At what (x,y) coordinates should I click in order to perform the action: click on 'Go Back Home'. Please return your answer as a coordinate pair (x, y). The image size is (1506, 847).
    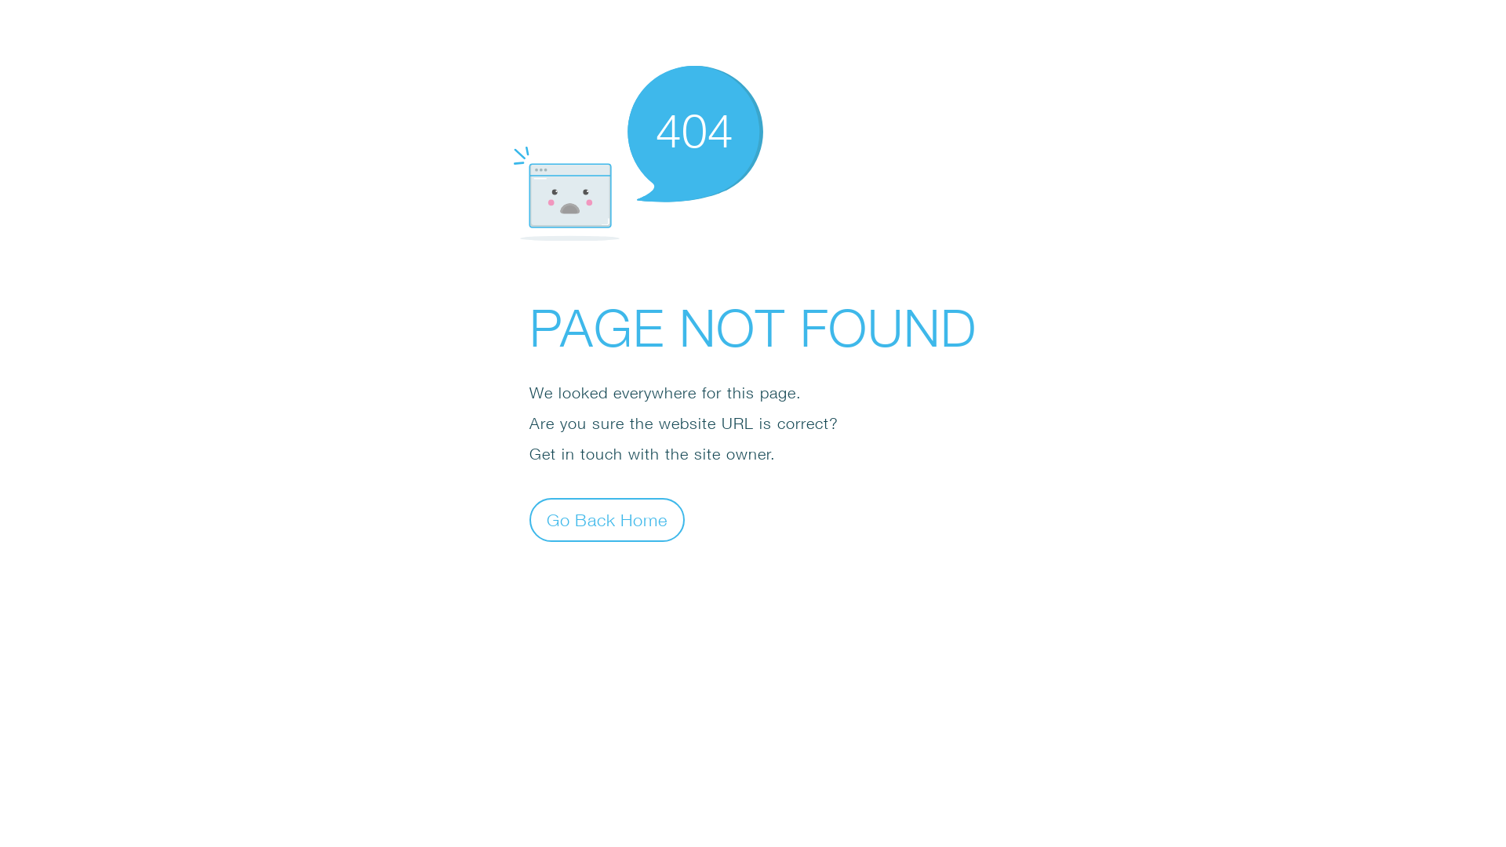
    Looking at the image, I should click on (606, 520).